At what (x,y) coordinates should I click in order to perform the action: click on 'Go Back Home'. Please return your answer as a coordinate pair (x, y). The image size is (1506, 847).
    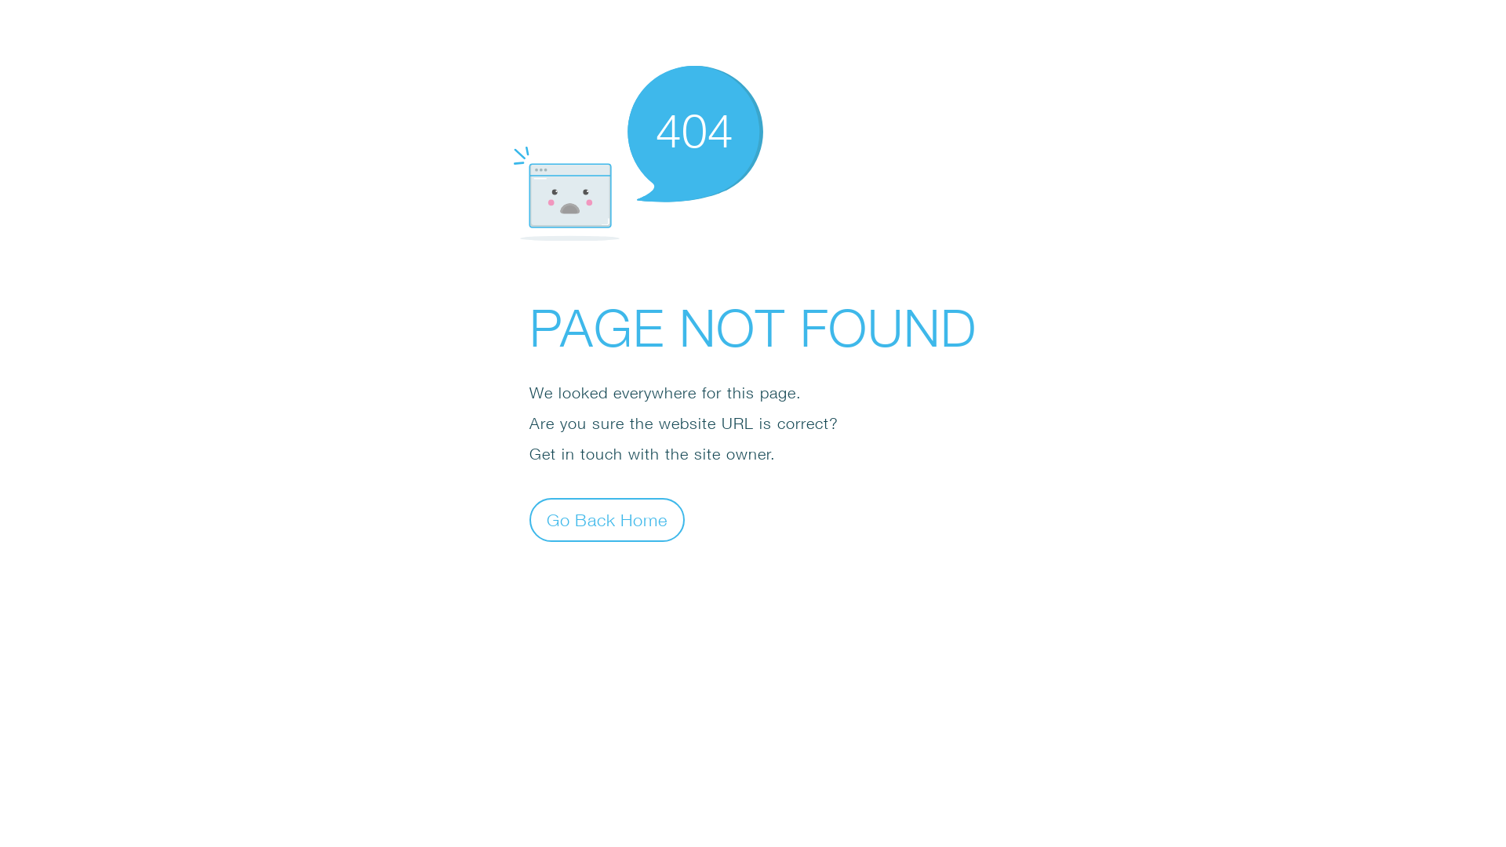
    Looking at the image, I should click on (606, 520).